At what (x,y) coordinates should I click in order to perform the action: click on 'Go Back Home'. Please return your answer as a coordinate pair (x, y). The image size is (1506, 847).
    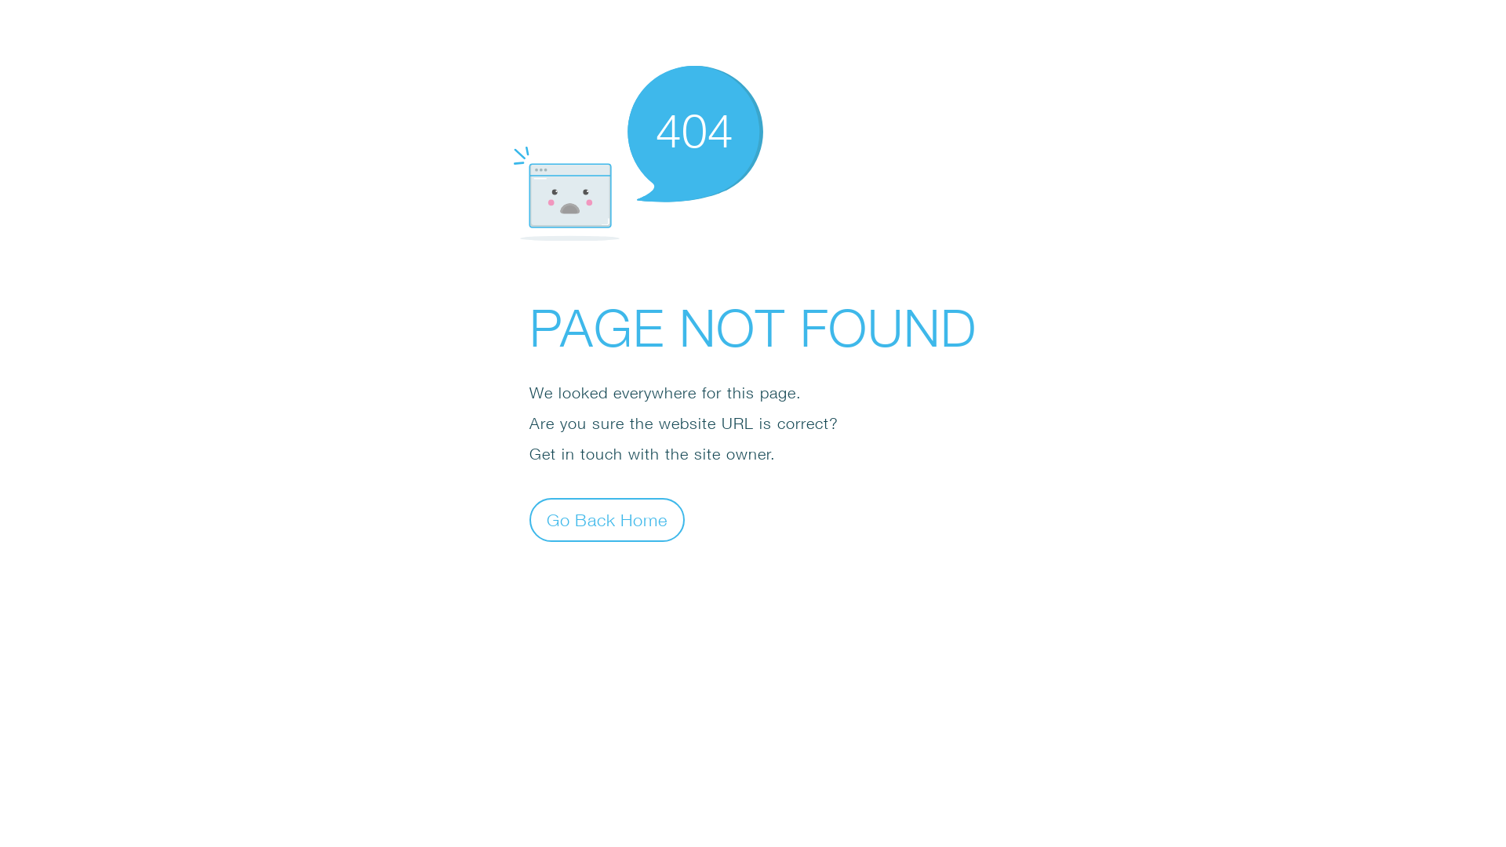
    Looking at the image, I should click on (606, 520).